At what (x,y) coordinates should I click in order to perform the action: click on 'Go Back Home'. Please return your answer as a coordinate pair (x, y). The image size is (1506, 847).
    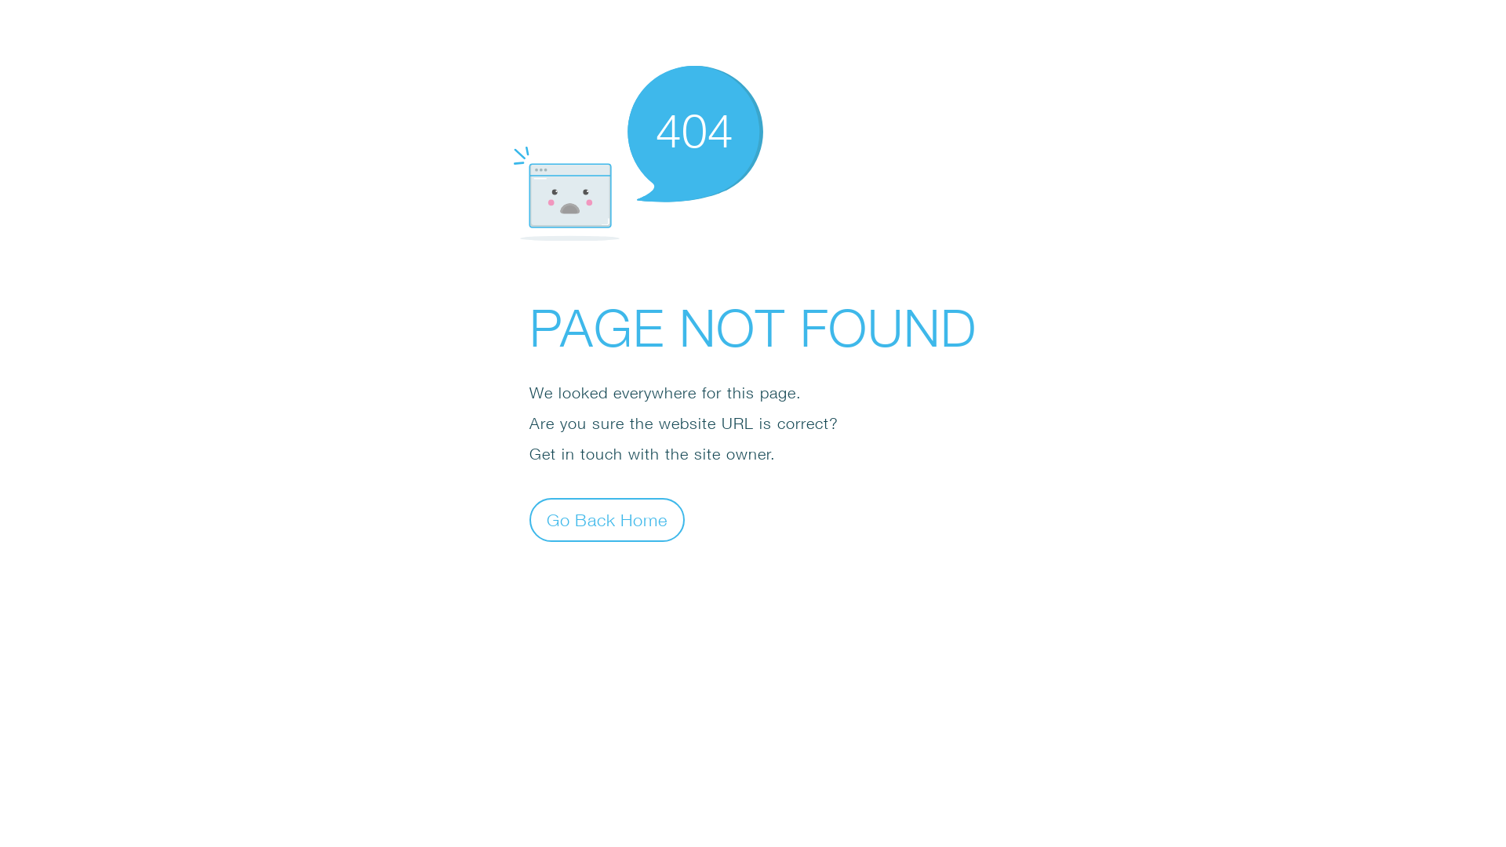
    Looking at the image, I should click on (606, 520).